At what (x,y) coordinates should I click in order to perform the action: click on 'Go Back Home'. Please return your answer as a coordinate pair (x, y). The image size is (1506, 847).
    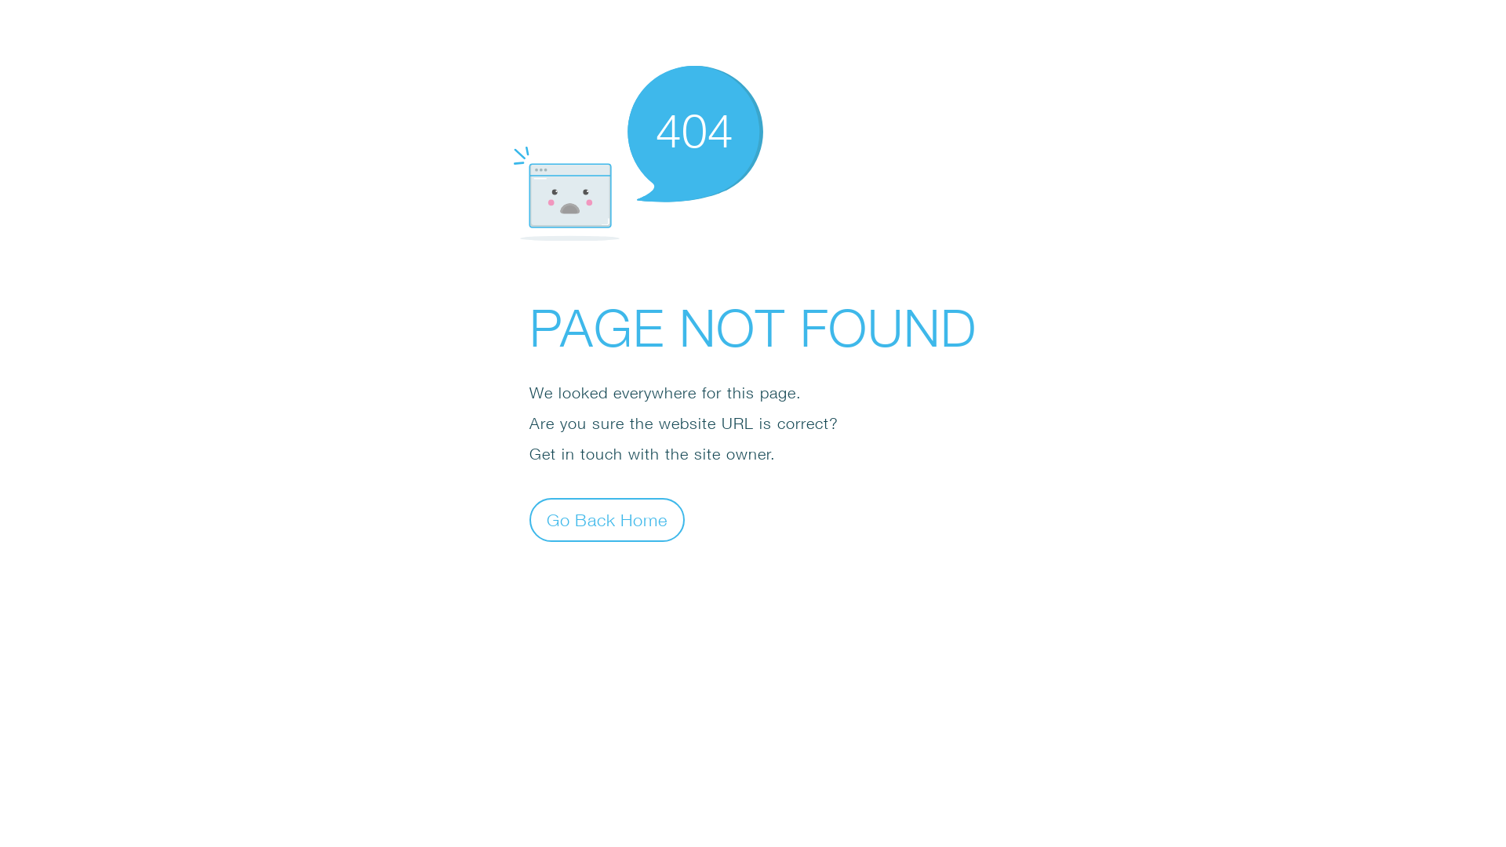
    Looking at the image, I should click on (606, 520).